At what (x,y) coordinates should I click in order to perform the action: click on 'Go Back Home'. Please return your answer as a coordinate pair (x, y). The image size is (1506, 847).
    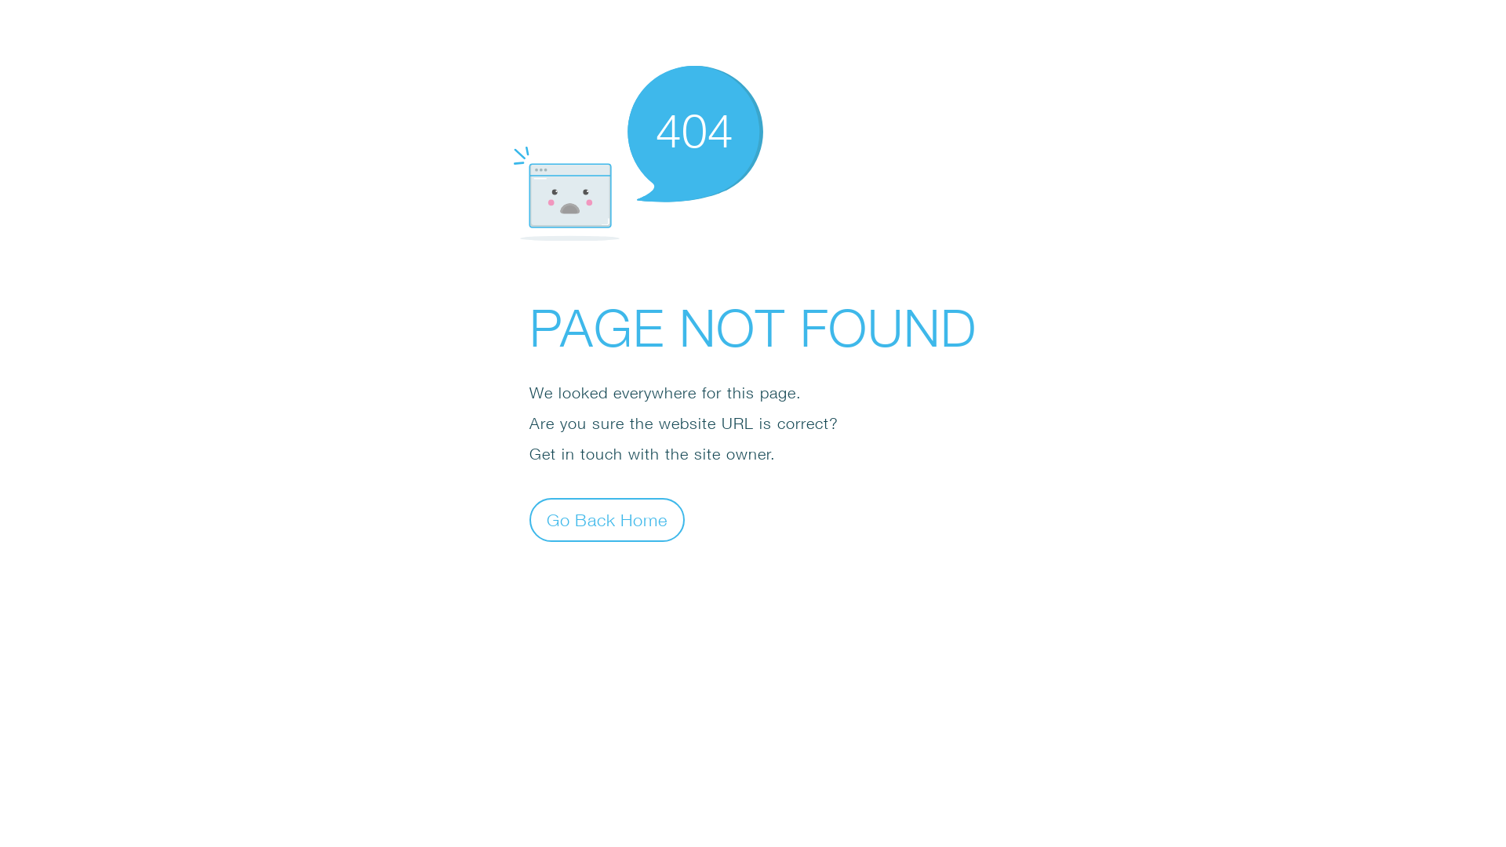
    Looking at the image, I should click on (606, 520).